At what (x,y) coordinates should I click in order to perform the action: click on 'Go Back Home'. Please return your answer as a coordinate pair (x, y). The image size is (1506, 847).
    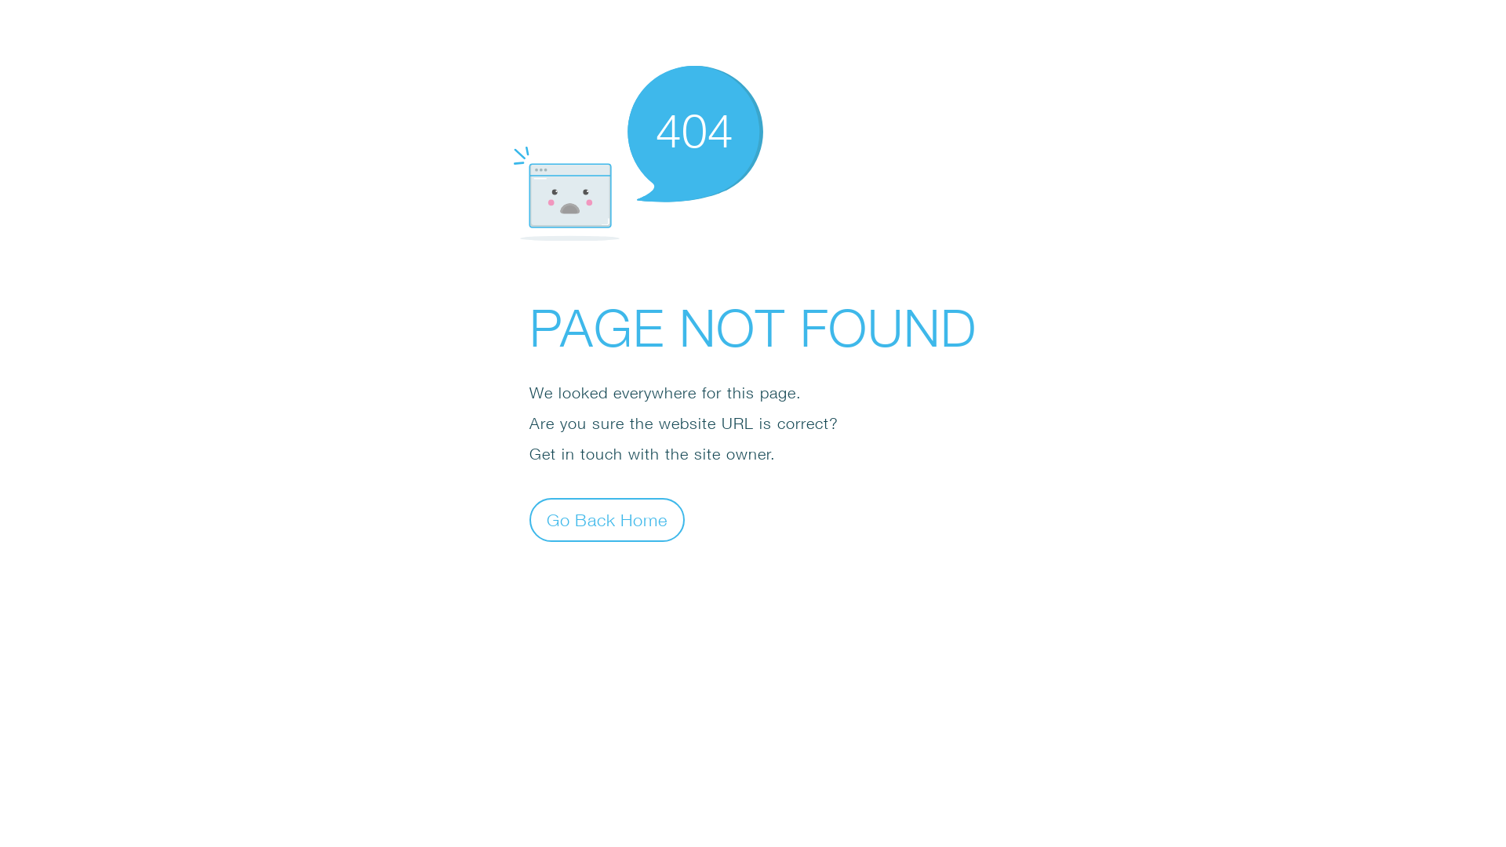
    Looking at the image, I should click on (606, 520).